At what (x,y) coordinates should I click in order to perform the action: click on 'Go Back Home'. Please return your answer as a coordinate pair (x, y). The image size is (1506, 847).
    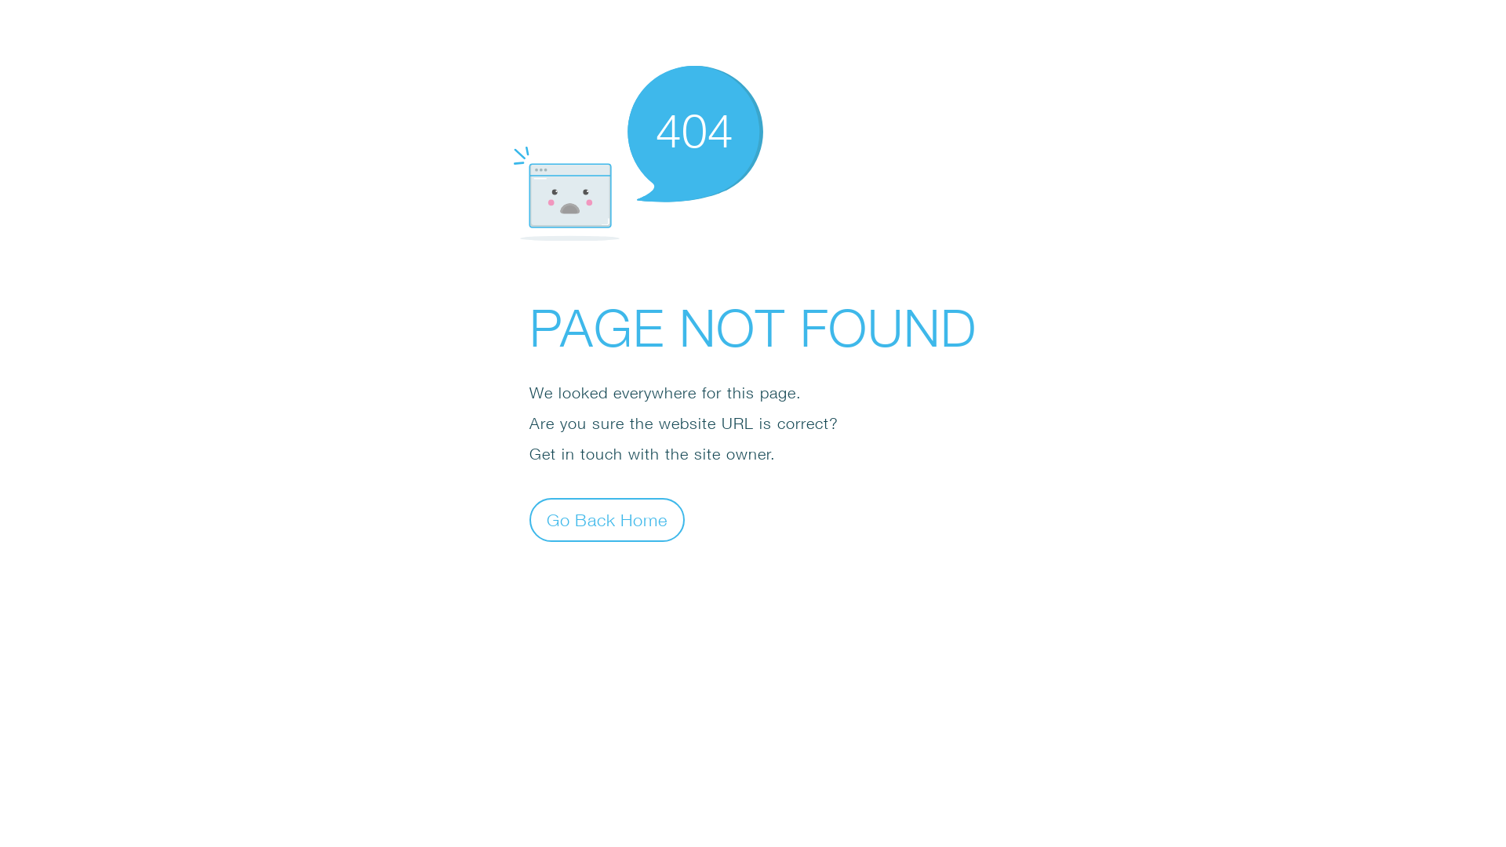
    Looking at the image, I should click on (606, 520).